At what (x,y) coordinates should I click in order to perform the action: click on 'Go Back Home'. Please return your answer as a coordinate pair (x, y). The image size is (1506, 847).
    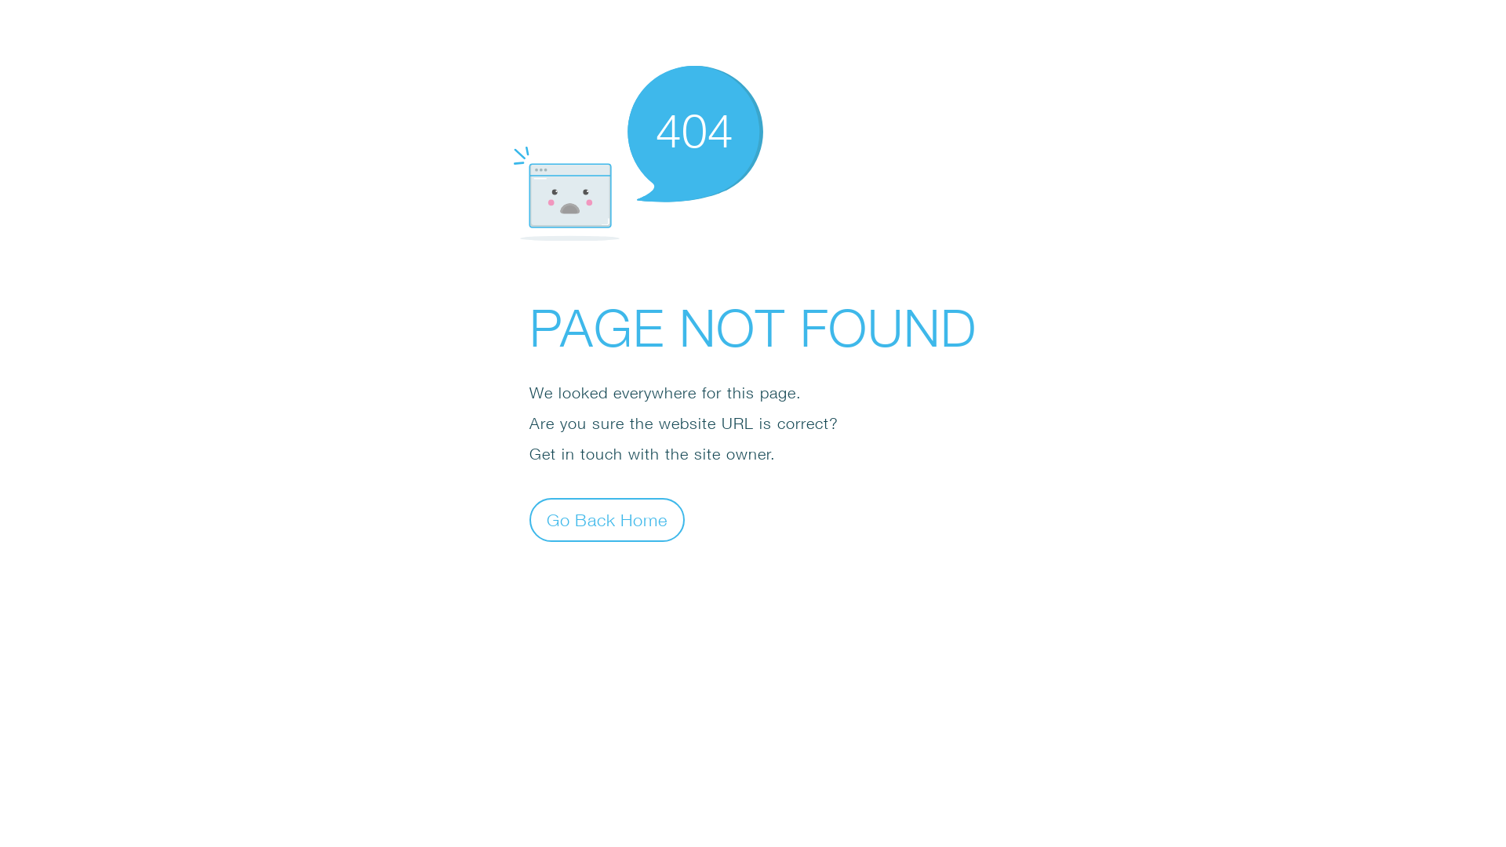
    Looking at the image, I should click on (606, 520).